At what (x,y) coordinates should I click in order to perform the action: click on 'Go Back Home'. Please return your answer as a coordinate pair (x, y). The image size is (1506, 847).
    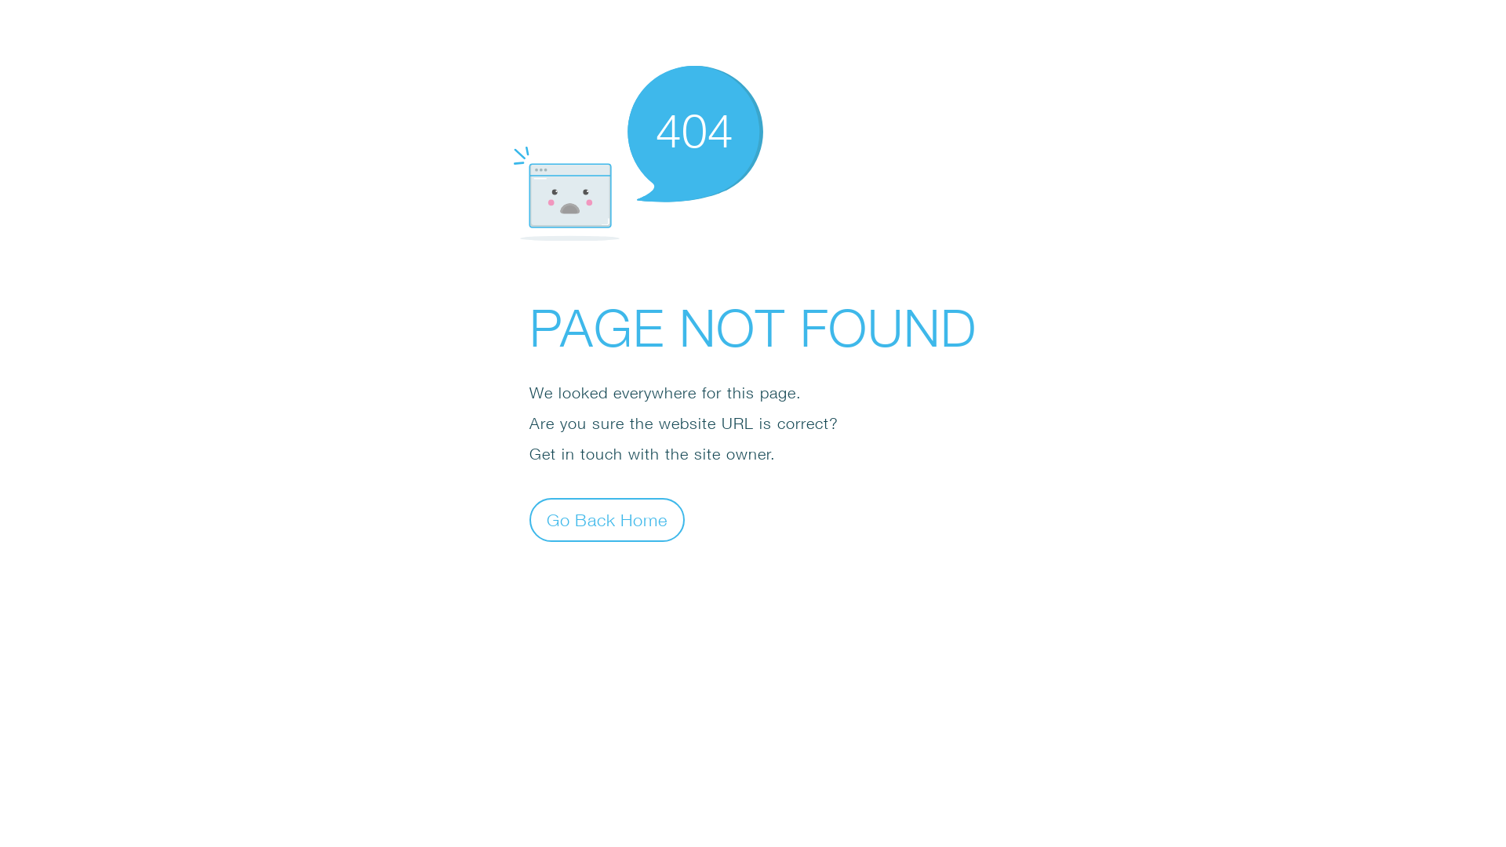
    Looking at the image, I should click on (606, 520).